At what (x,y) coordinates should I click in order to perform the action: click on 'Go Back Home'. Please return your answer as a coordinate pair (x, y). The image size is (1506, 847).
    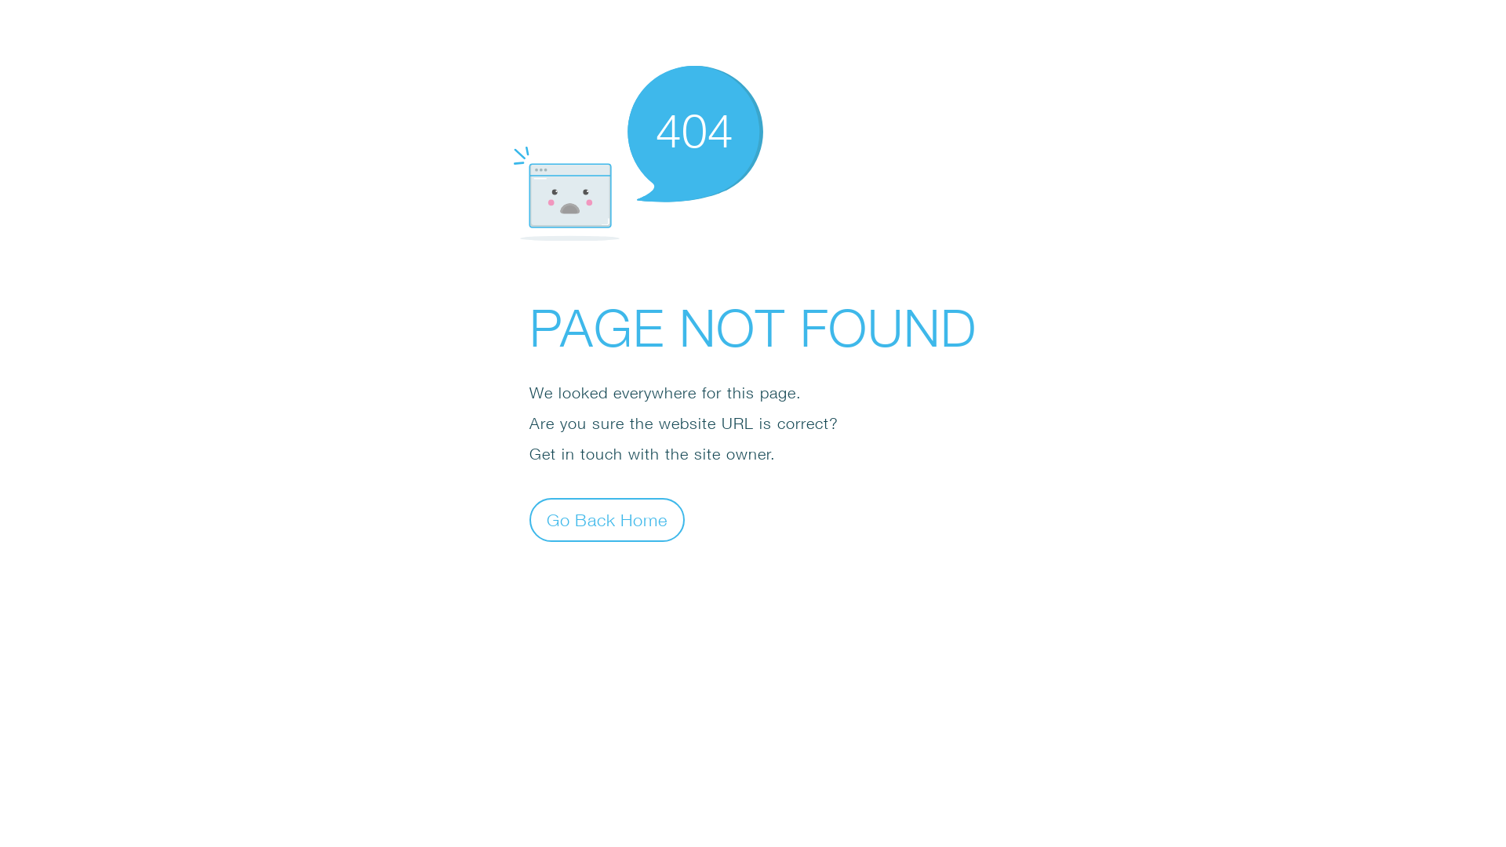
    Looking at the image, I should click on (606, 520).